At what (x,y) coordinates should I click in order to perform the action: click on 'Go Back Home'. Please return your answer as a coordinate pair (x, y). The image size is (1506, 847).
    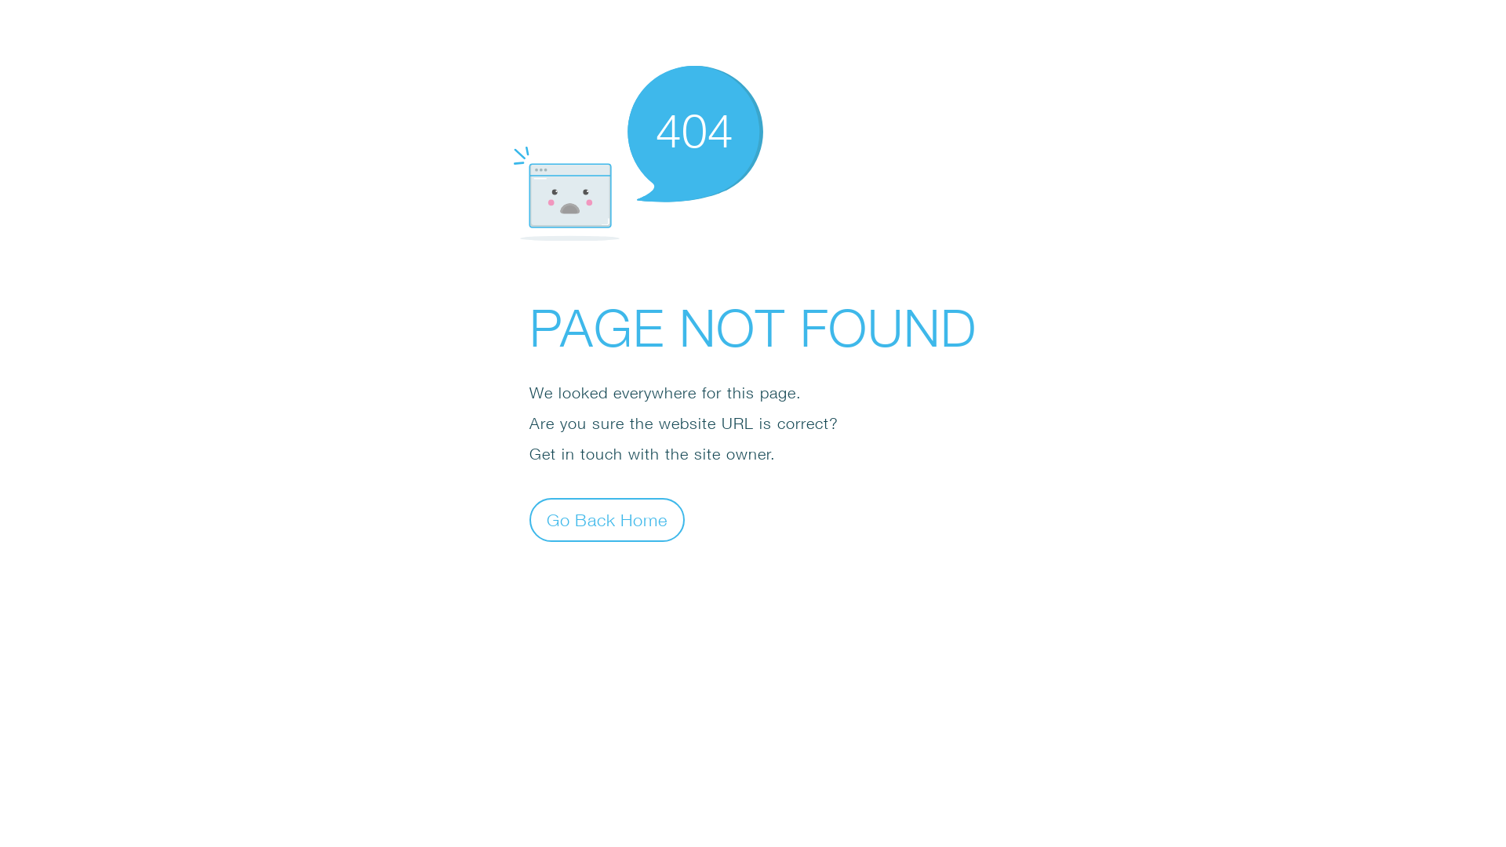
    Looking at the image, I should click on (606, 520).